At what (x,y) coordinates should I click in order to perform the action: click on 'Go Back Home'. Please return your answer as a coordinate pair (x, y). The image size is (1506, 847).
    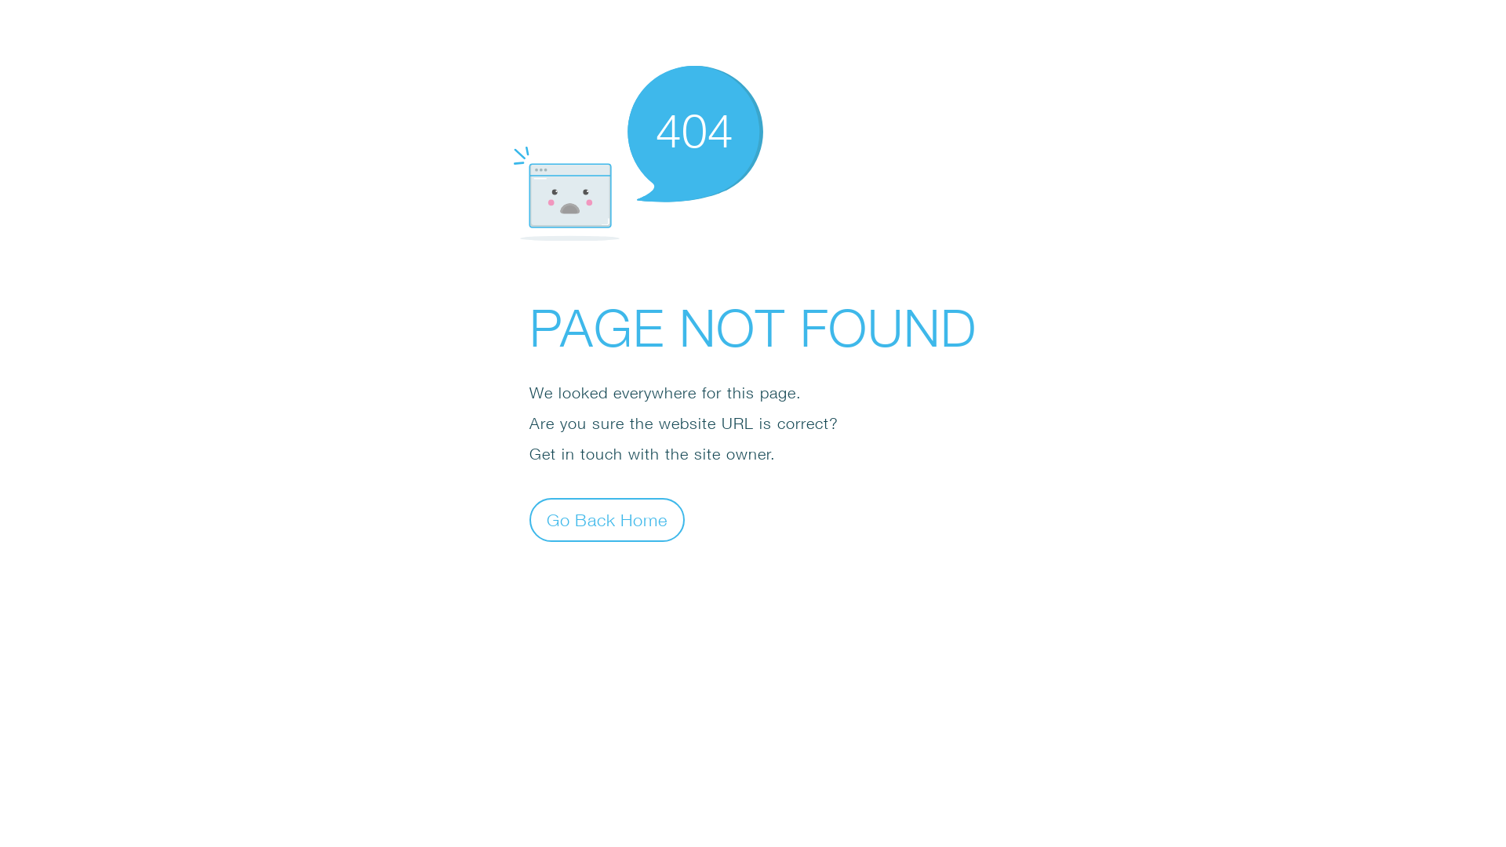
    Looking at the image, I should click on (606, 520).